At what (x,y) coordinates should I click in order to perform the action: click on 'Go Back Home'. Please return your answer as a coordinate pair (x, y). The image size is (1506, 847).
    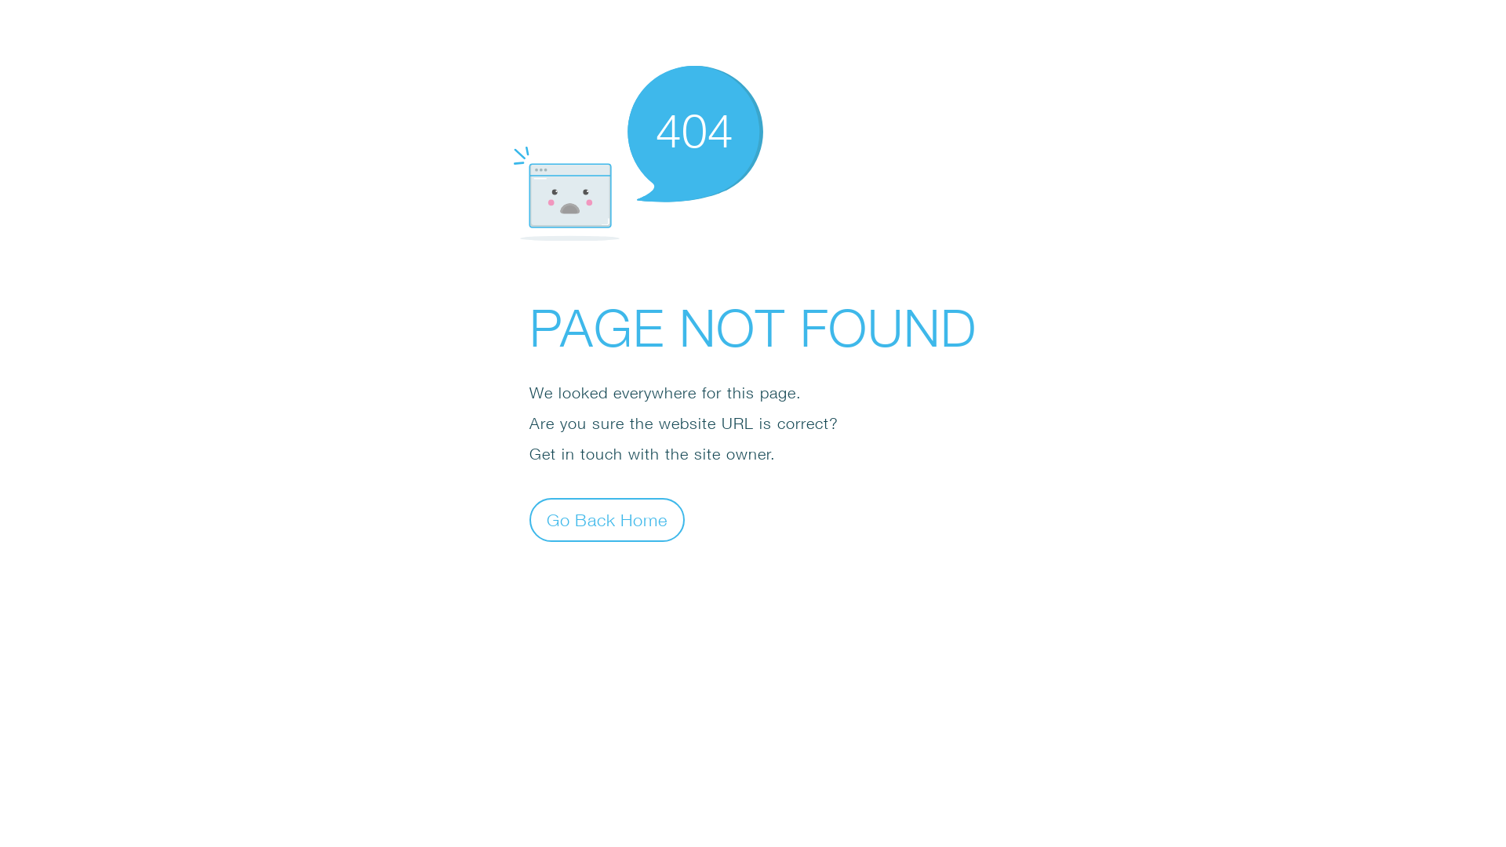
    Looking at the image, I should click on (606, 520).